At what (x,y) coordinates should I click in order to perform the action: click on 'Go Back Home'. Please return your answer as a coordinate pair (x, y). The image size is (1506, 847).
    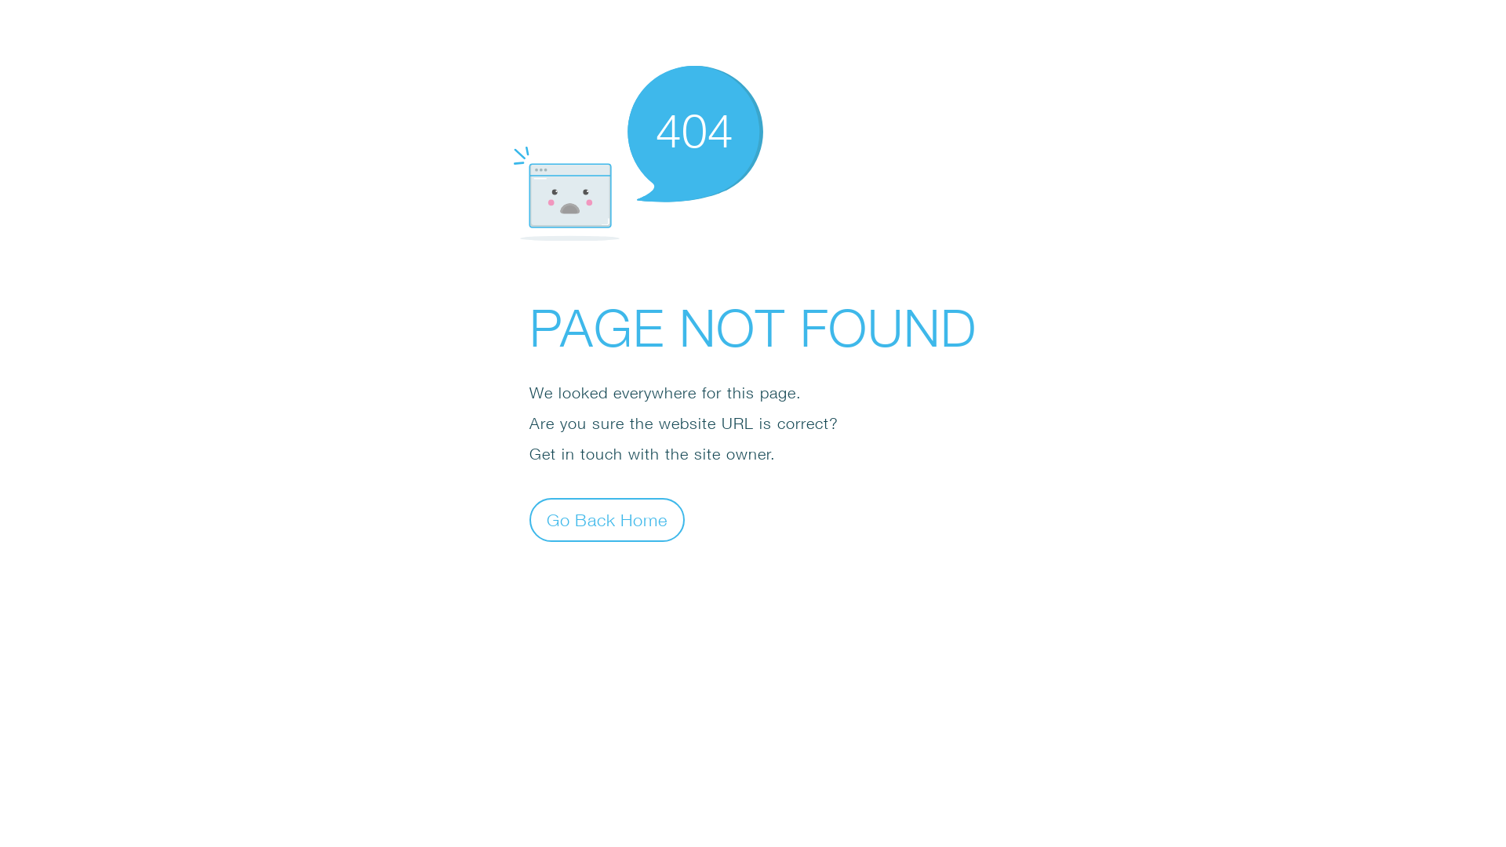
    Looking at the image, I should click on (606, 520).